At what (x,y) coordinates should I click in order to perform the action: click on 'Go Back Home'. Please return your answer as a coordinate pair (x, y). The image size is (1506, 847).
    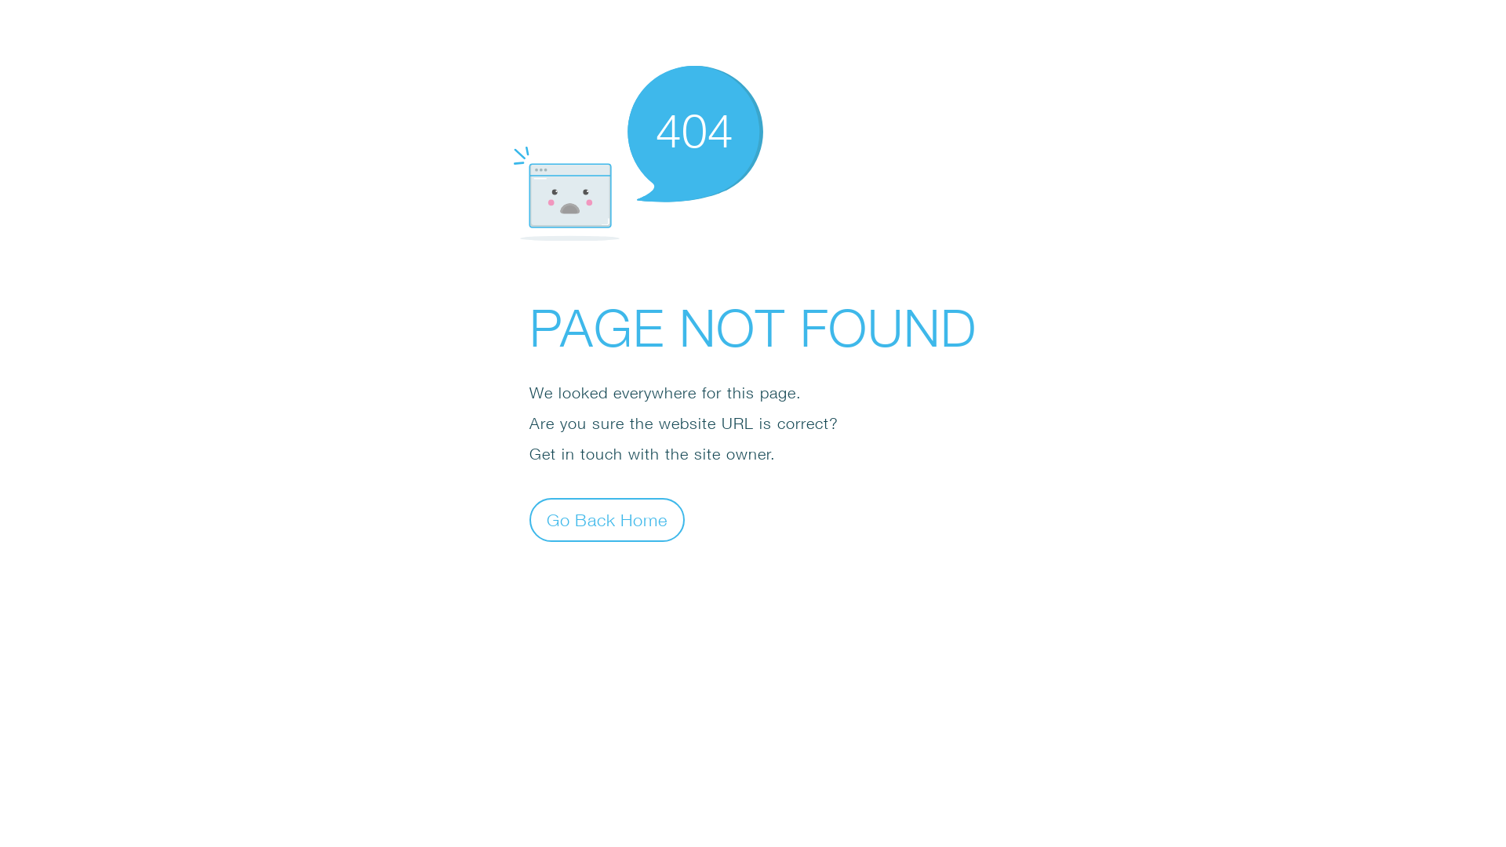
    Looking at the image, I should click on (606, 520).